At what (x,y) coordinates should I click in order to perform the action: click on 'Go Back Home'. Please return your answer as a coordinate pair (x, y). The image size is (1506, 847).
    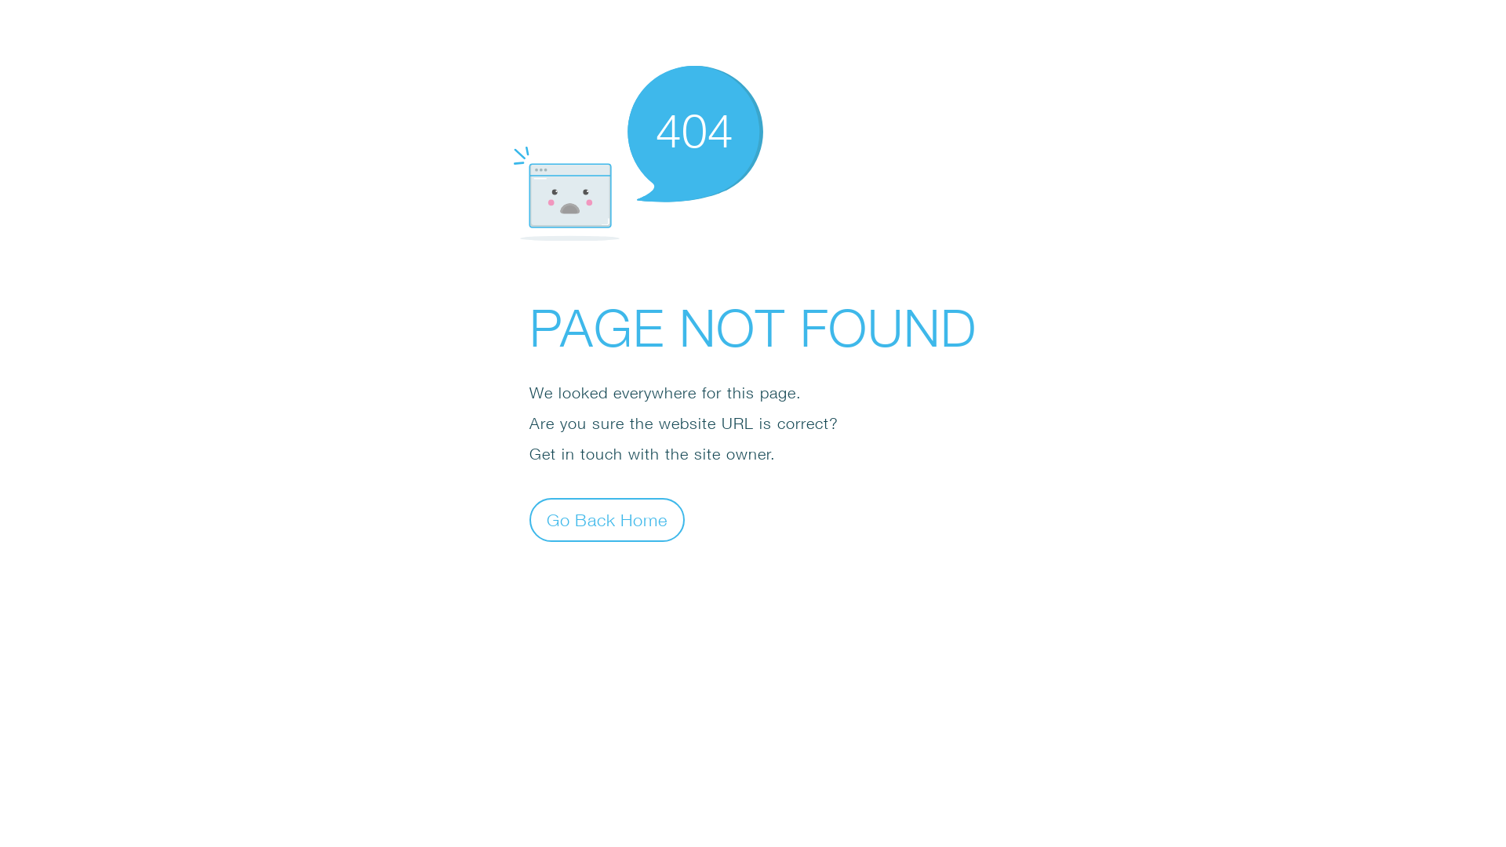
    Looking at the image, I should click on (606, 520).